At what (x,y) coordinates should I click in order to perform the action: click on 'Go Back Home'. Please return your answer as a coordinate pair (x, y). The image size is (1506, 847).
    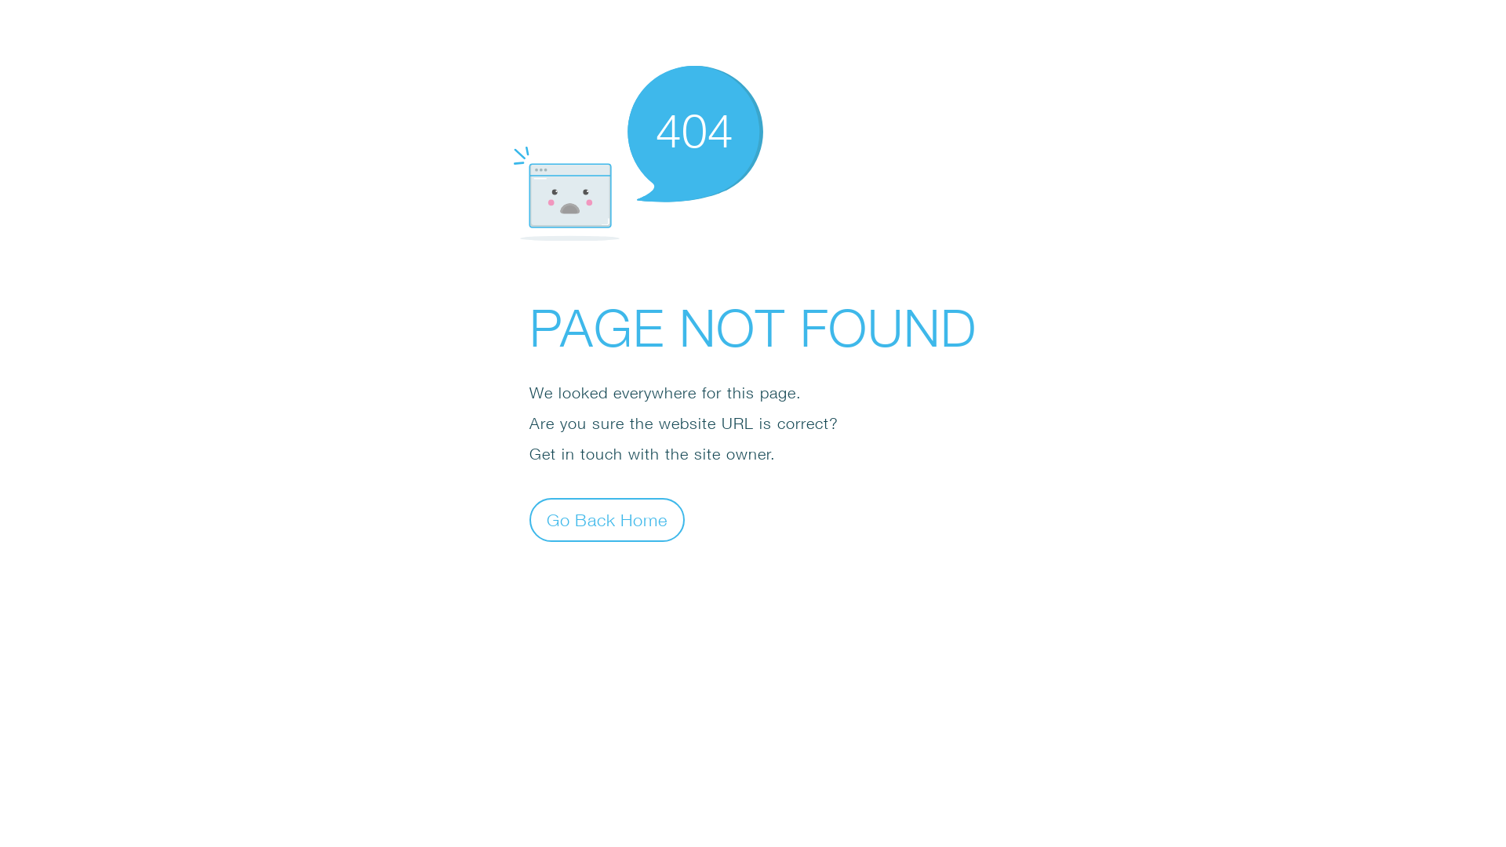
    Looking at the image, I should click on (606, 520).